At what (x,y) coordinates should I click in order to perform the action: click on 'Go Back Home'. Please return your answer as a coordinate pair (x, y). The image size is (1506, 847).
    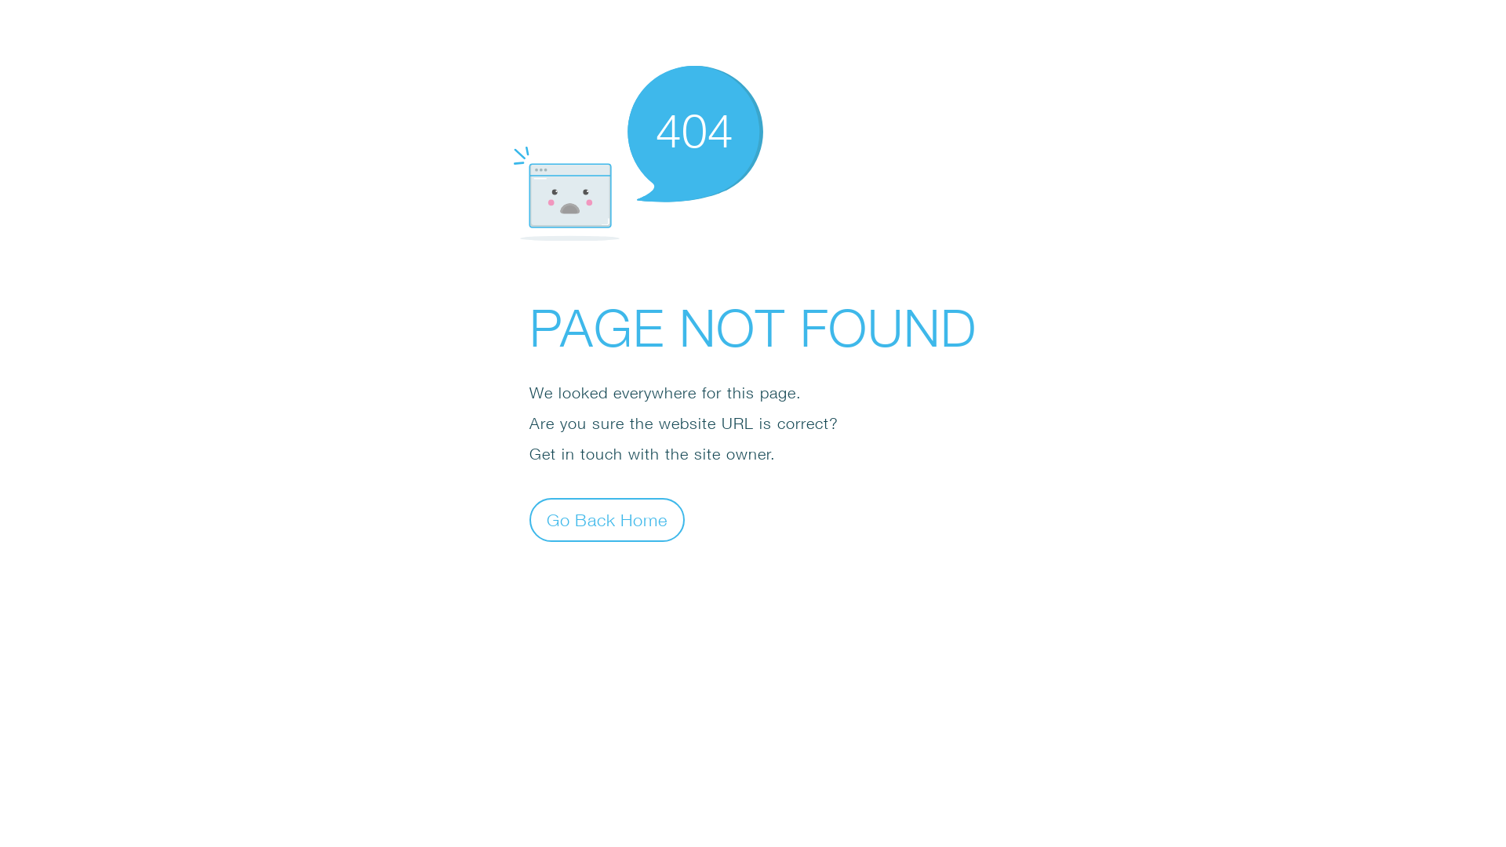
    Looking at the image, I should click on (606, 520).